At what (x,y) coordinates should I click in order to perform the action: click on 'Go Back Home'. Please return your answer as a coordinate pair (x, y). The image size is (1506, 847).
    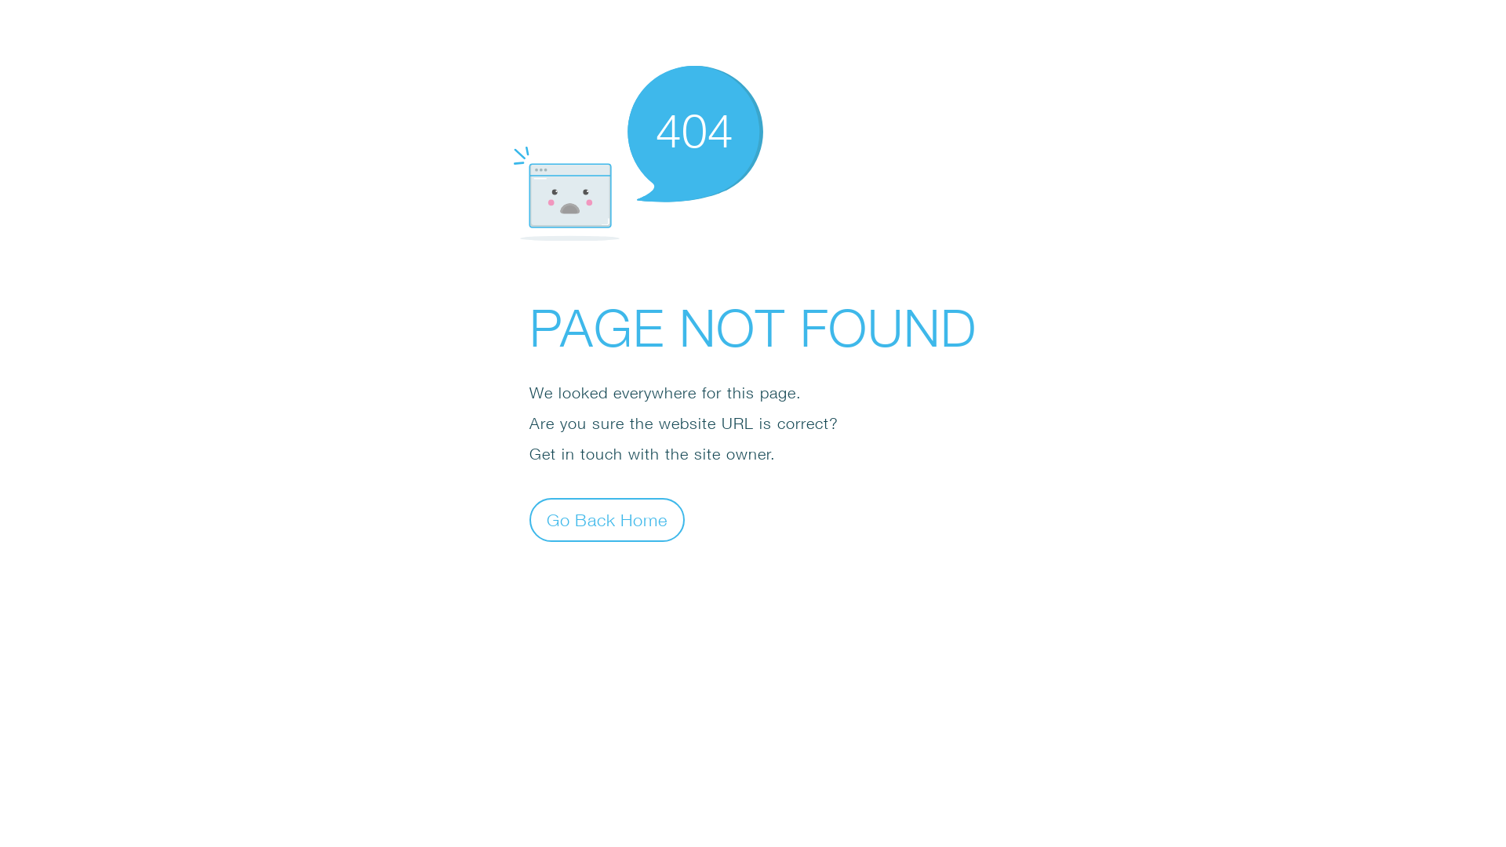
    Looking at the image, I should click on (606, 520).